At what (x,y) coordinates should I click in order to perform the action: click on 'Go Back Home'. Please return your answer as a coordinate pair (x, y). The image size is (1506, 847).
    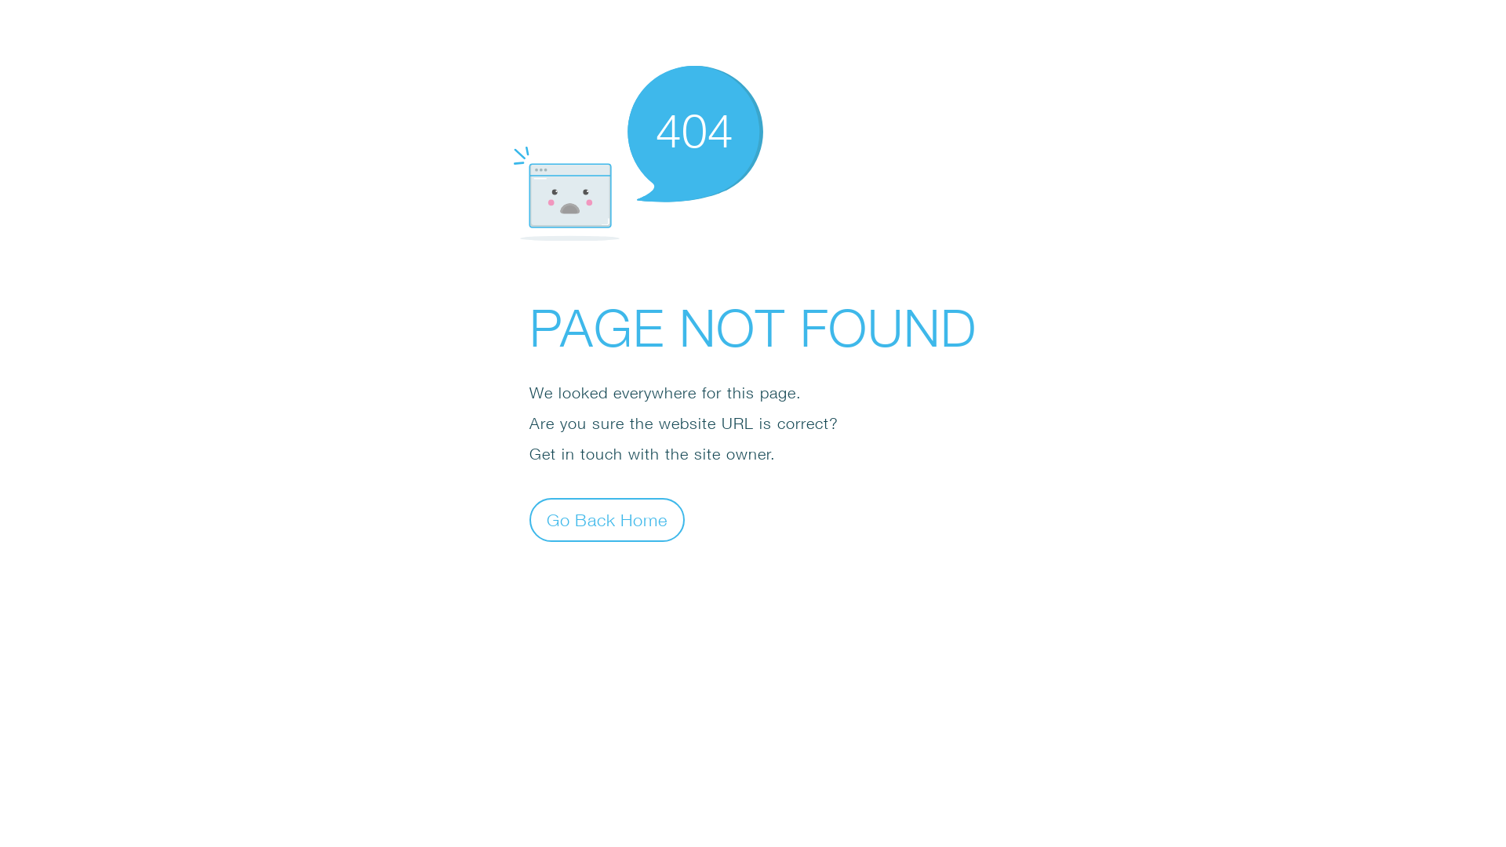
    Looking at the image, I should click on (606, 520).